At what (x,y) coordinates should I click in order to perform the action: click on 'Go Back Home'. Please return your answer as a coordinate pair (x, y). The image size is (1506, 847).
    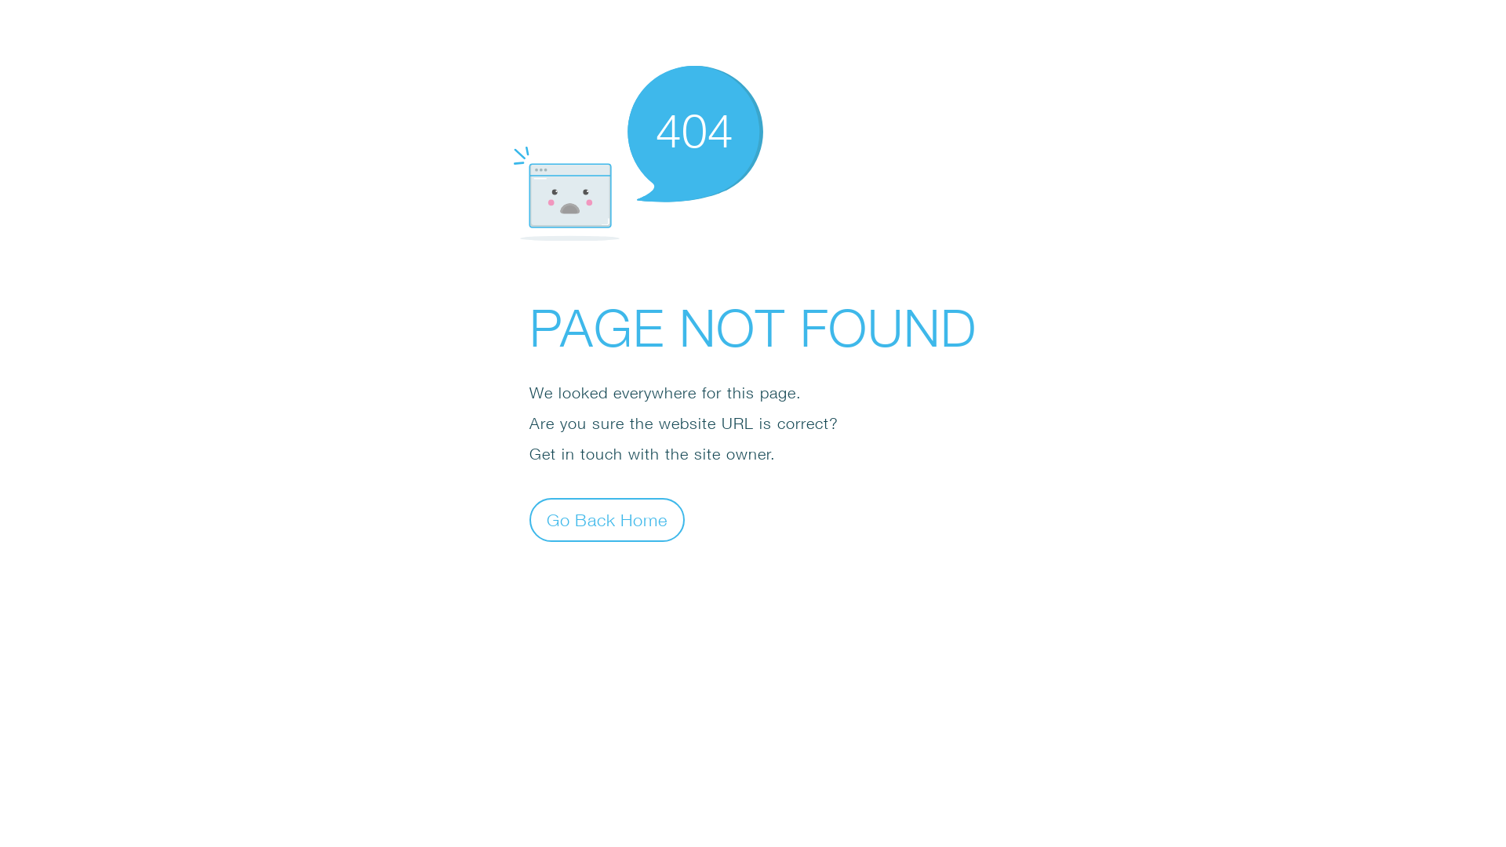
    Looking at the image, I should click on (606, 520).